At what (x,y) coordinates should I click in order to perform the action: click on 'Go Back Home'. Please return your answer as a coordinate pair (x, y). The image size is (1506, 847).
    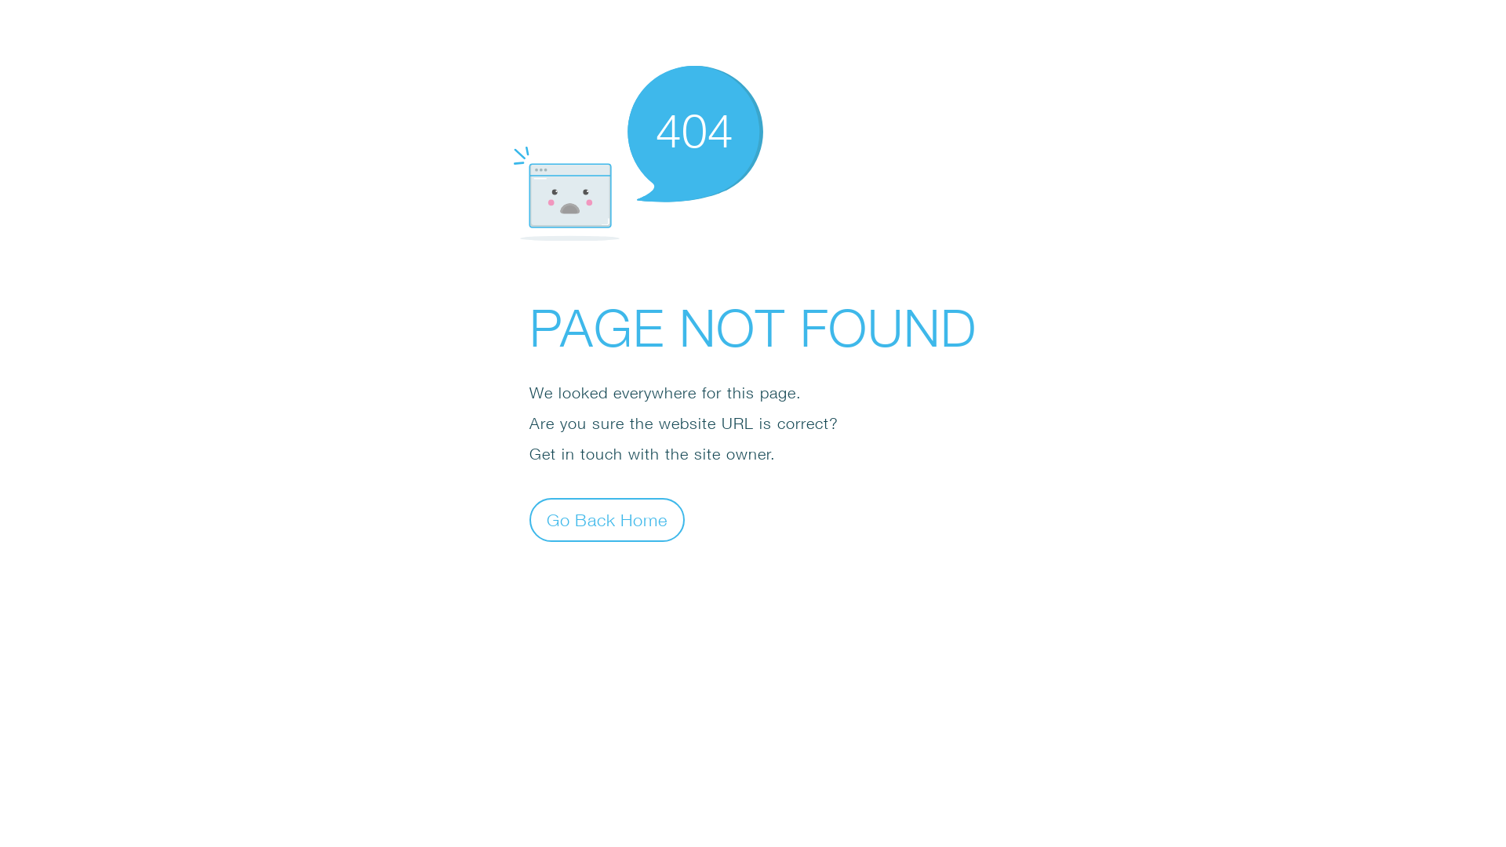
    Looking at the image, I should click on (606, 520).